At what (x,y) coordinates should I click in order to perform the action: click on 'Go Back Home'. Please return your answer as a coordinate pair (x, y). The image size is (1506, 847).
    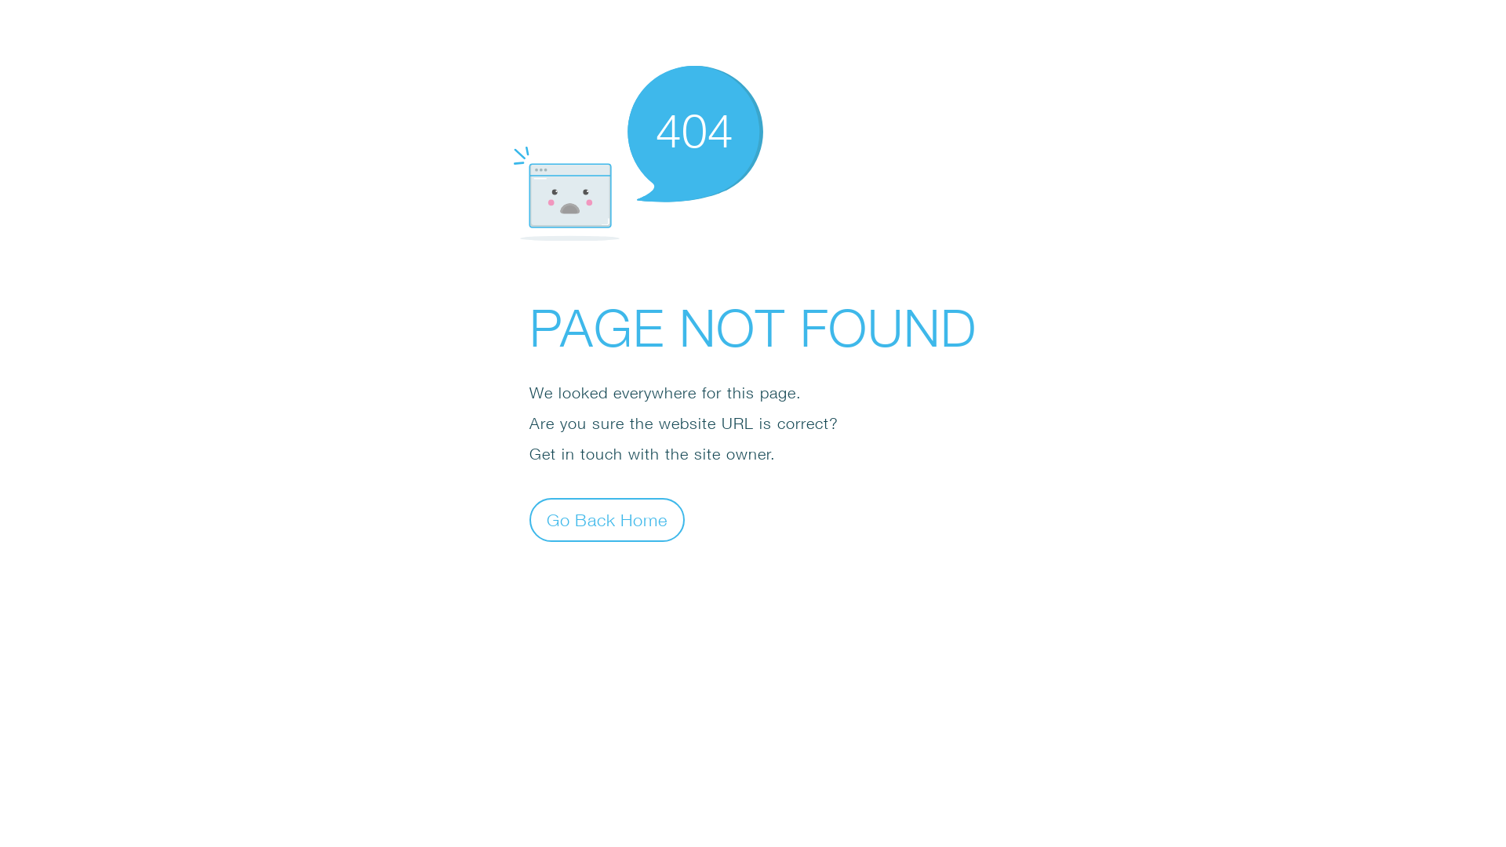
    Looking at the image, I should click on (606, 520).